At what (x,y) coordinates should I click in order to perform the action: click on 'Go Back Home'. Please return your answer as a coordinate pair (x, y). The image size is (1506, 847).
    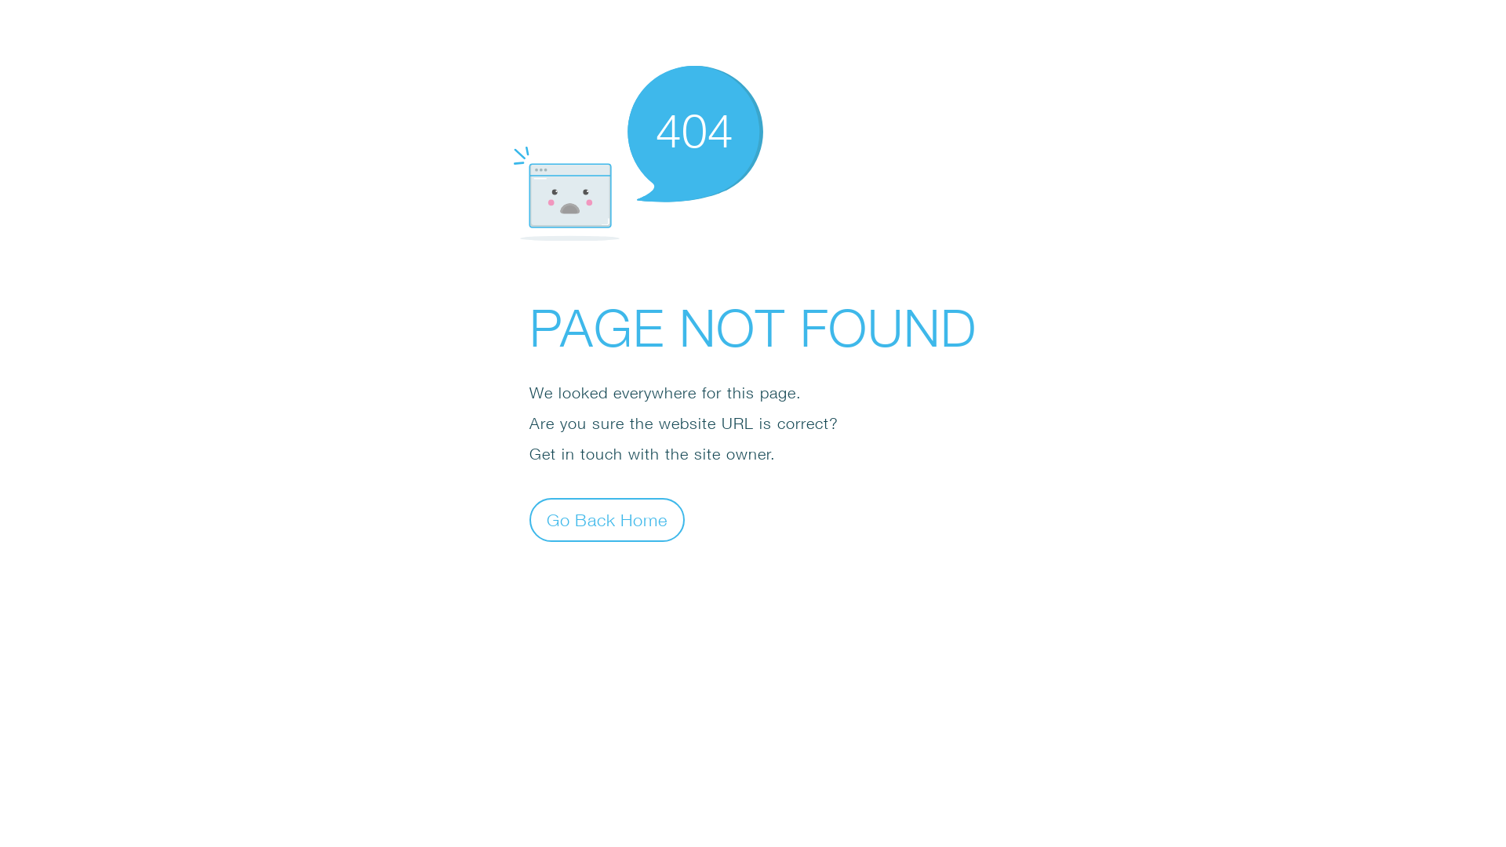
    Looking at the image, I should click on (606, 520).